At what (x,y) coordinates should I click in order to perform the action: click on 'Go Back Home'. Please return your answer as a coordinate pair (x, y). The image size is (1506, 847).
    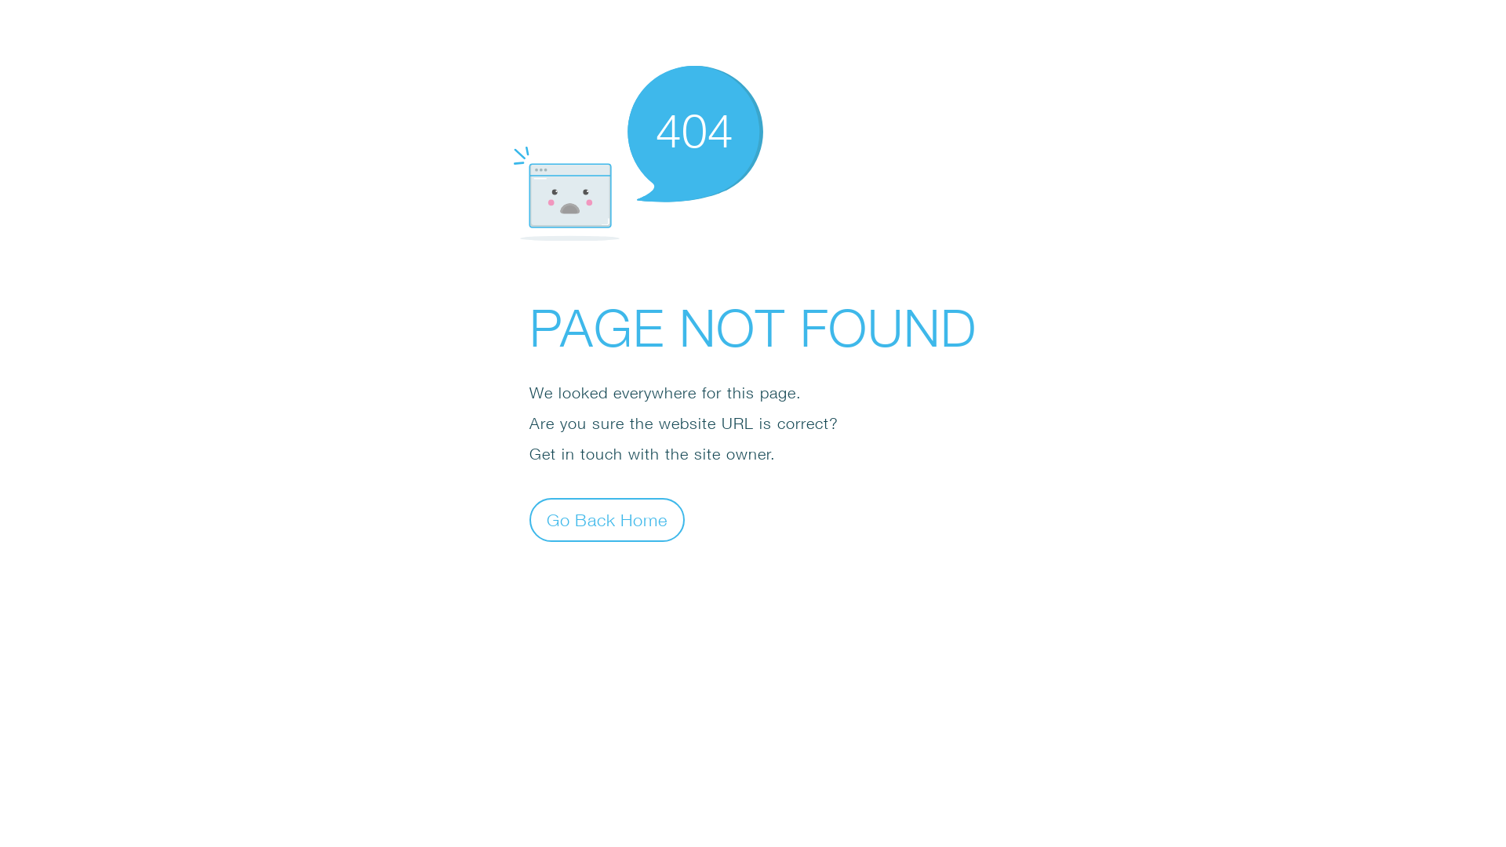
    Looking at the image, I should click on (606, 520).